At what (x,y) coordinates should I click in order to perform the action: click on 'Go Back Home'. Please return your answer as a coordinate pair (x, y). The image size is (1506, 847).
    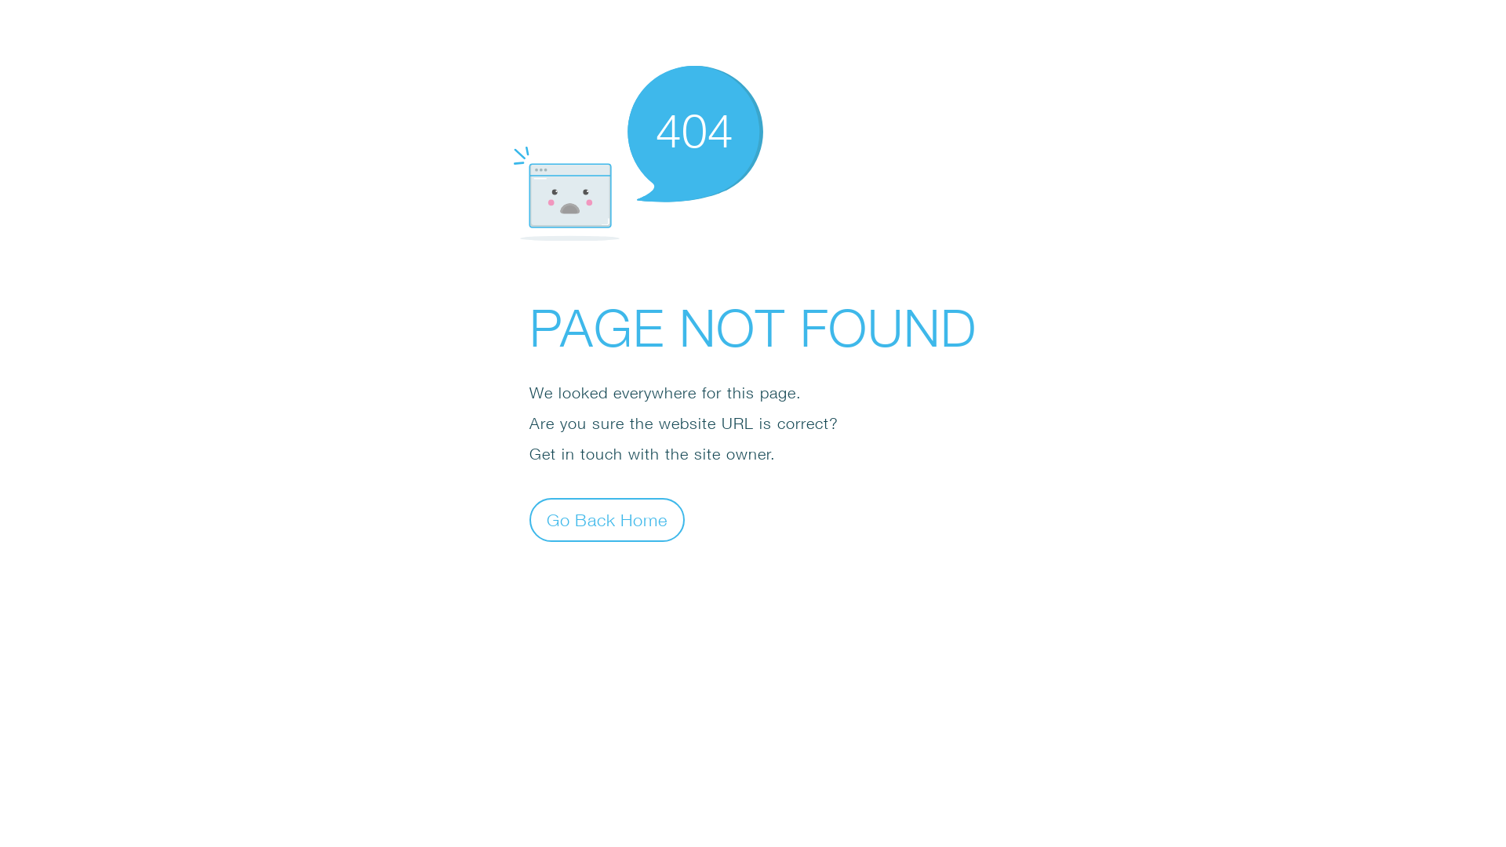
    Looking at the image, I should click on (606, 520).